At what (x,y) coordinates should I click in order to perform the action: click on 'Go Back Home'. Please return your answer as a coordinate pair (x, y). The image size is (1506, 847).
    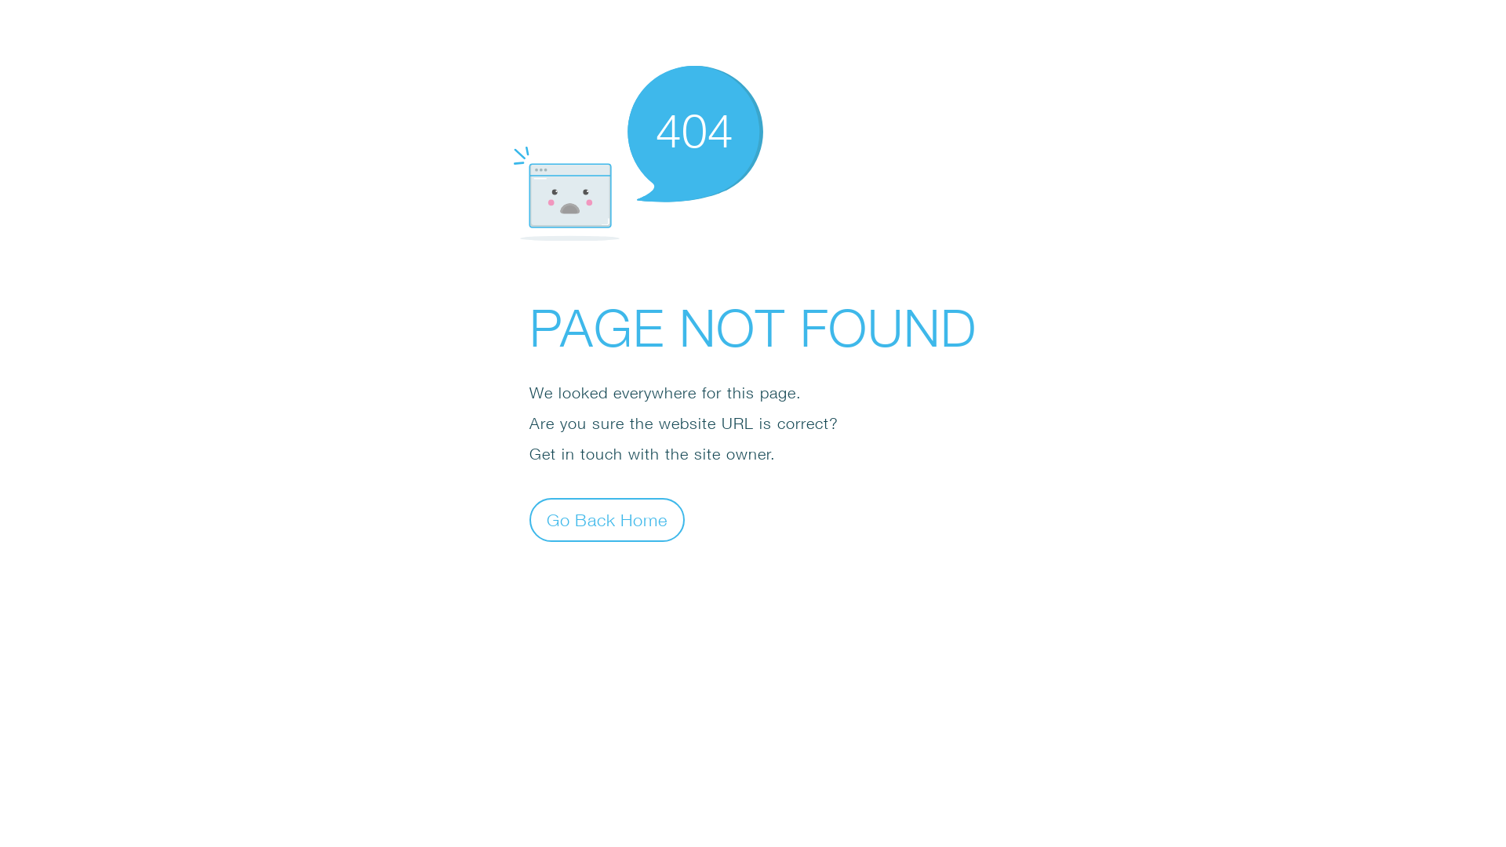
    Looking at the image, I should click on (606, 520).